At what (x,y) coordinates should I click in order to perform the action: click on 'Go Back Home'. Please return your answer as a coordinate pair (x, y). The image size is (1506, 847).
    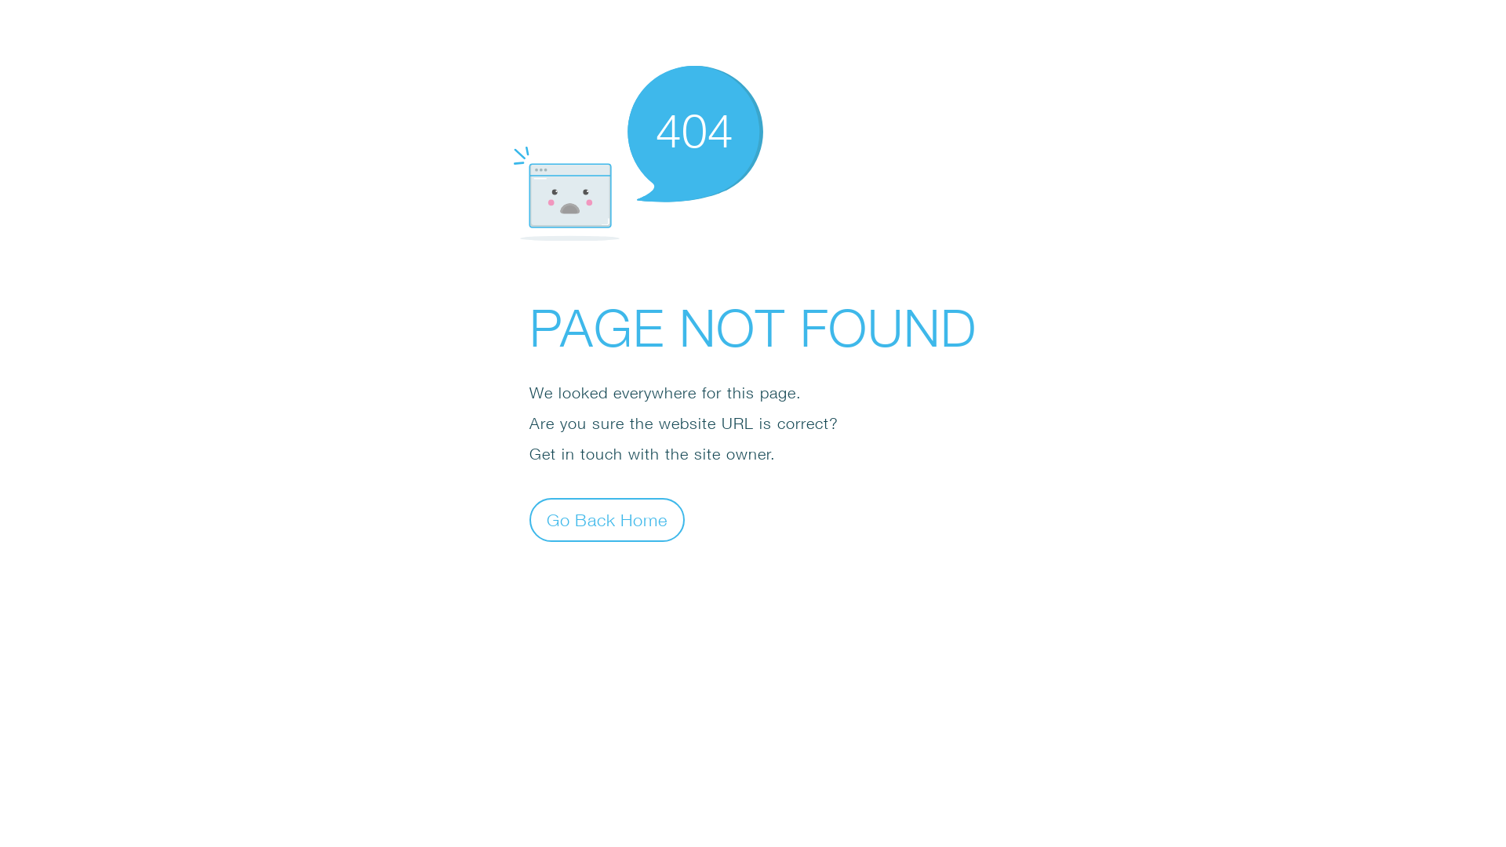
    Looking at the image, I should click on (606, 520).